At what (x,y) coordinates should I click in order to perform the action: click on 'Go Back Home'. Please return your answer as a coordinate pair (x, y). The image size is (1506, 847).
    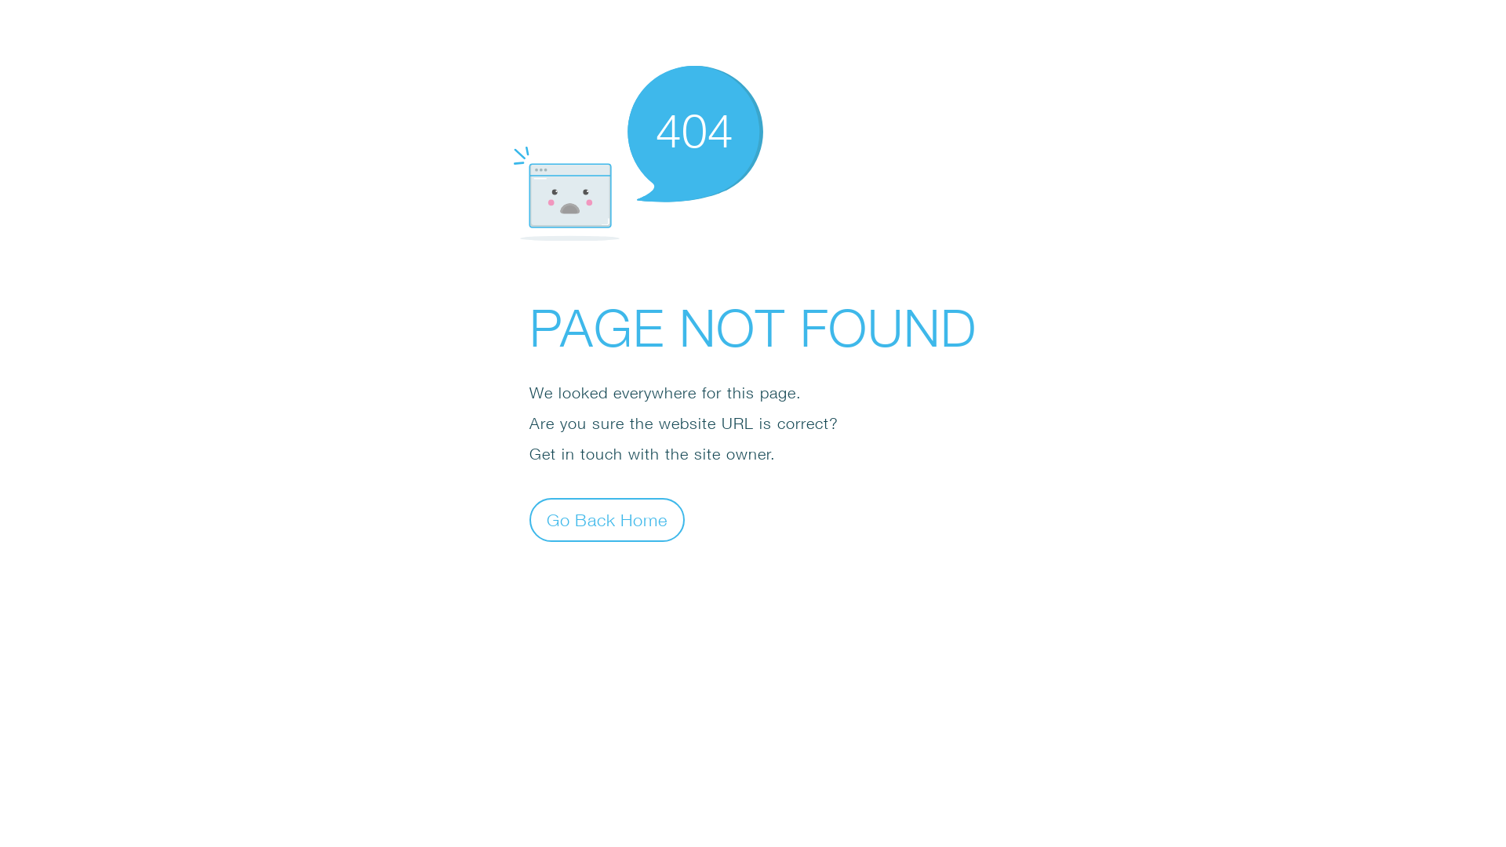
    Looking at the image, I should click on (606, 520).